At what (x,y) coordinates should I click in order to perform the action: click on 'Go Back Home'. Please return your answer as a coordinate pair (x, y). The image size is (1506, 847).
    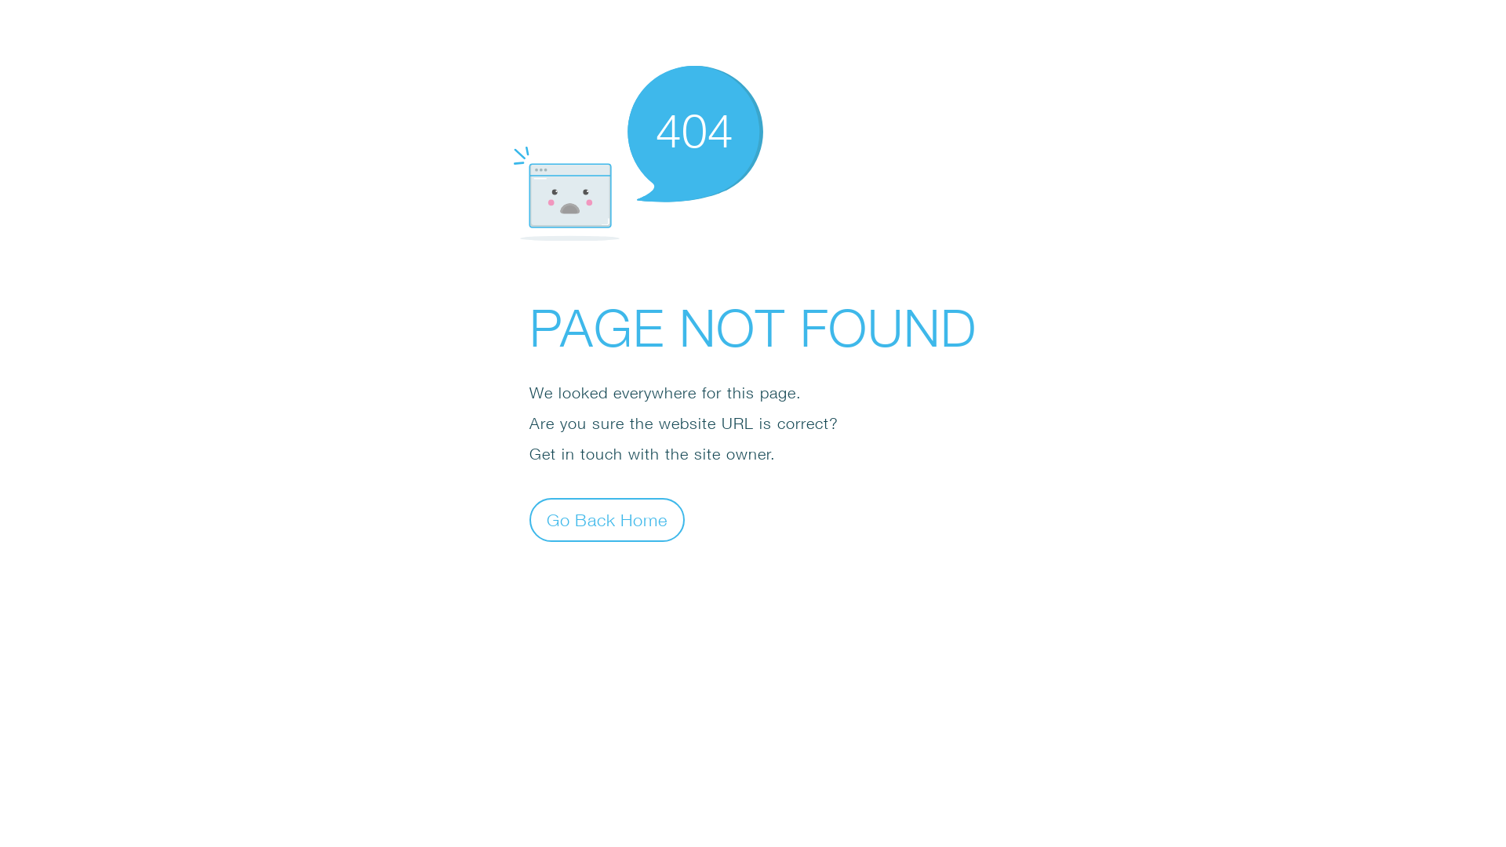
    Looking at the image, I should click on (606, 520).